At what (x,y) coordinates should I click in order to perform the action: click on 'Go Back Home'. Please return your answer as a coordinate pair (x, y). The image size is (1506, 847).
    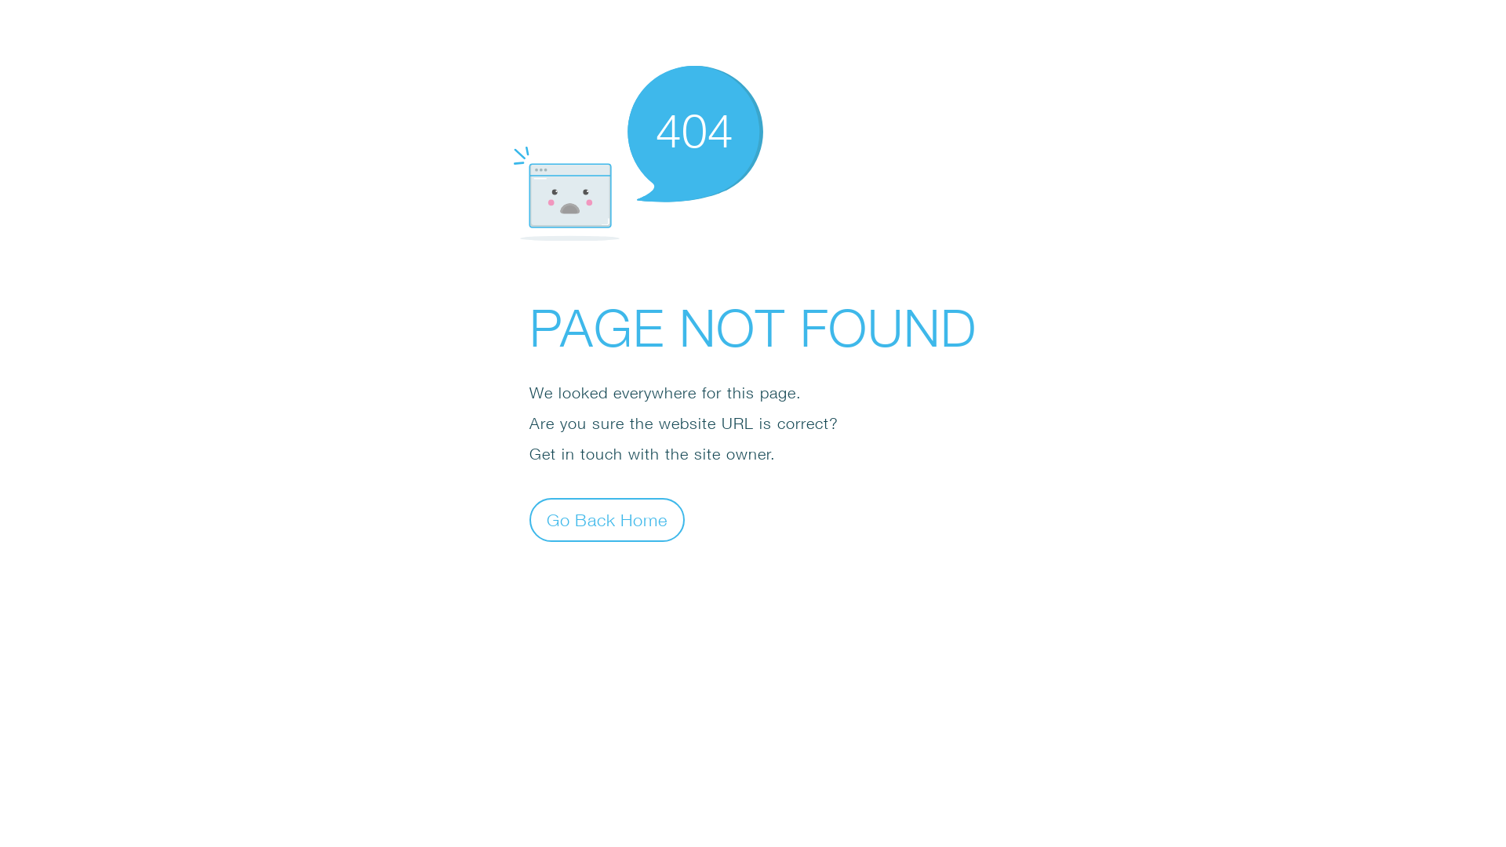
    Looking at the image, I should click on (606, 520).